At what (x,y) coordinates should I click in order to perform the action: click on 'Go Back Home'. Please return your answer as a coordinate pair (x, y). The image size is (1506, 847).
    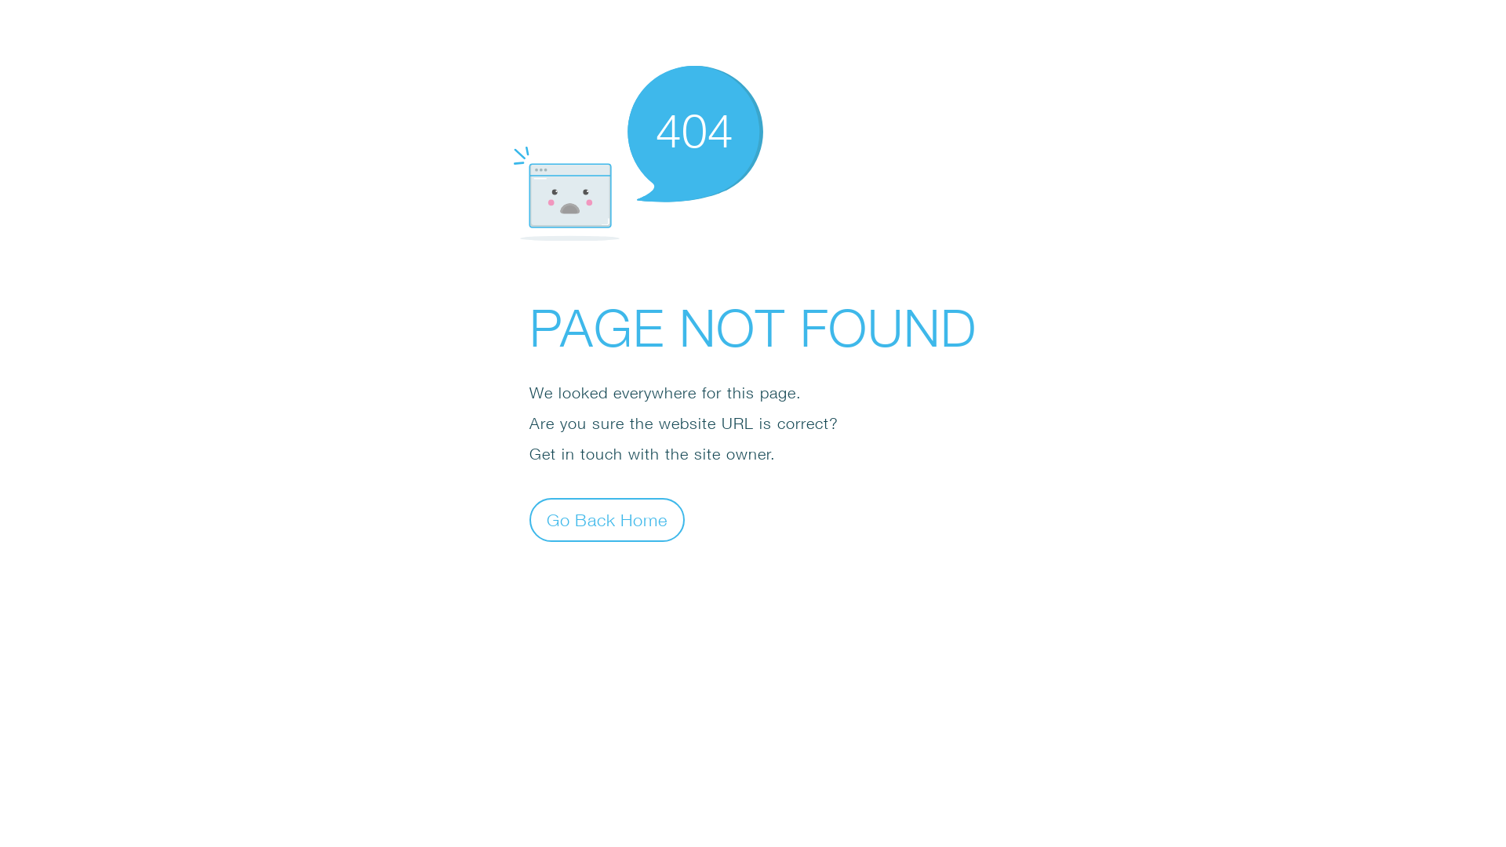
    Looking at the image, I should click on (606, 520).